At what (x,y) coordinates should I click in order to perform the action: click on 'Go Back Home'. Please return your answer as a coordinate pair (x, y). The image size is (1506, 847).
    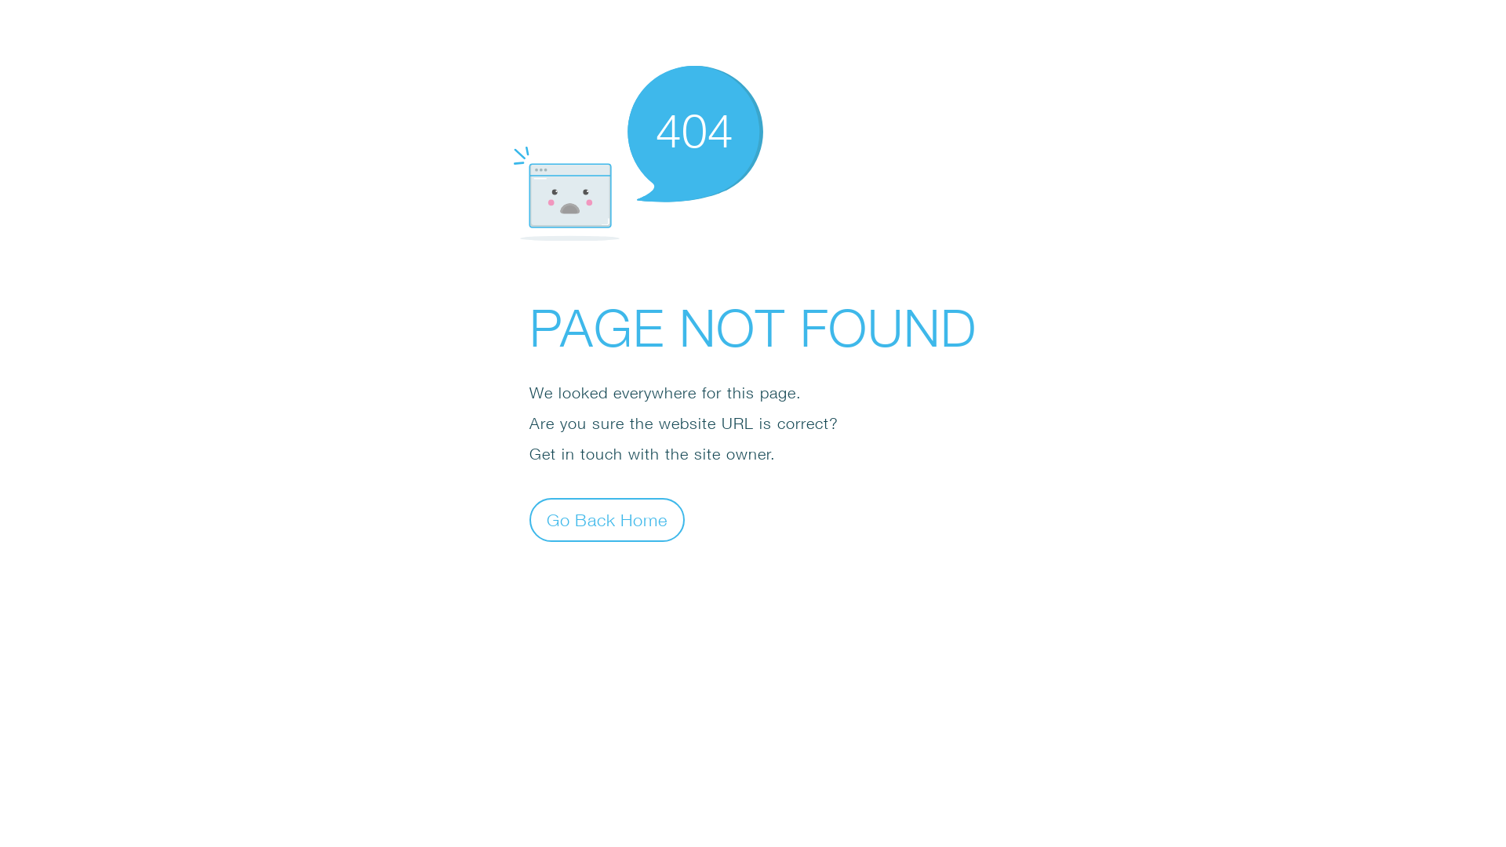
    Looking at the image, I should click on (606, 520).